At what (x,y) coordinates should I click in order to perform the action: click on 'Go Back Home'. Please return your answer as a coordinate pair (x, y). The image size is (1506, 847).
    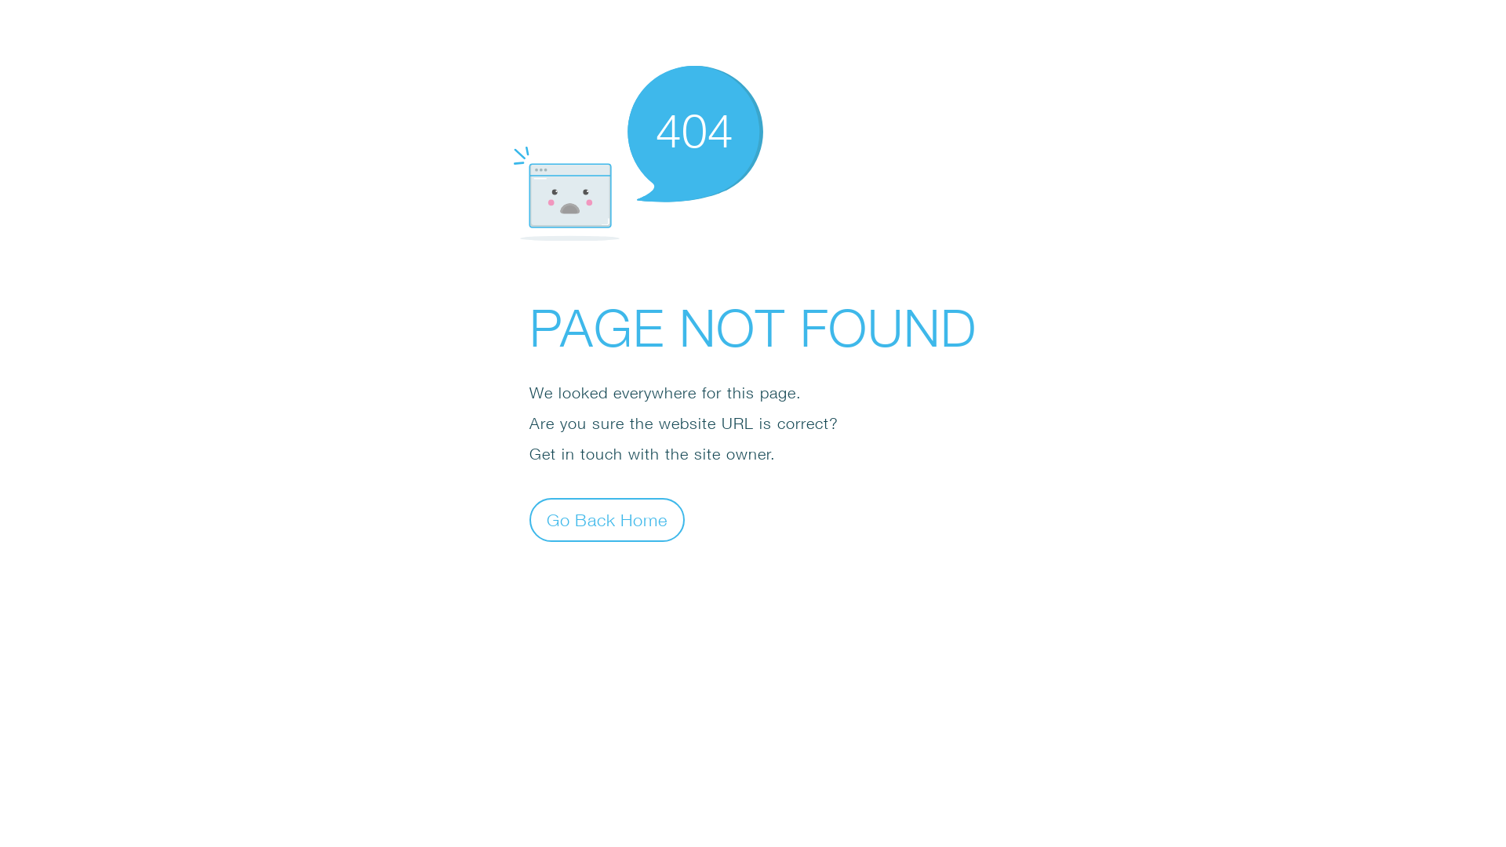
    Looking at the image, I should click on (606, 520).